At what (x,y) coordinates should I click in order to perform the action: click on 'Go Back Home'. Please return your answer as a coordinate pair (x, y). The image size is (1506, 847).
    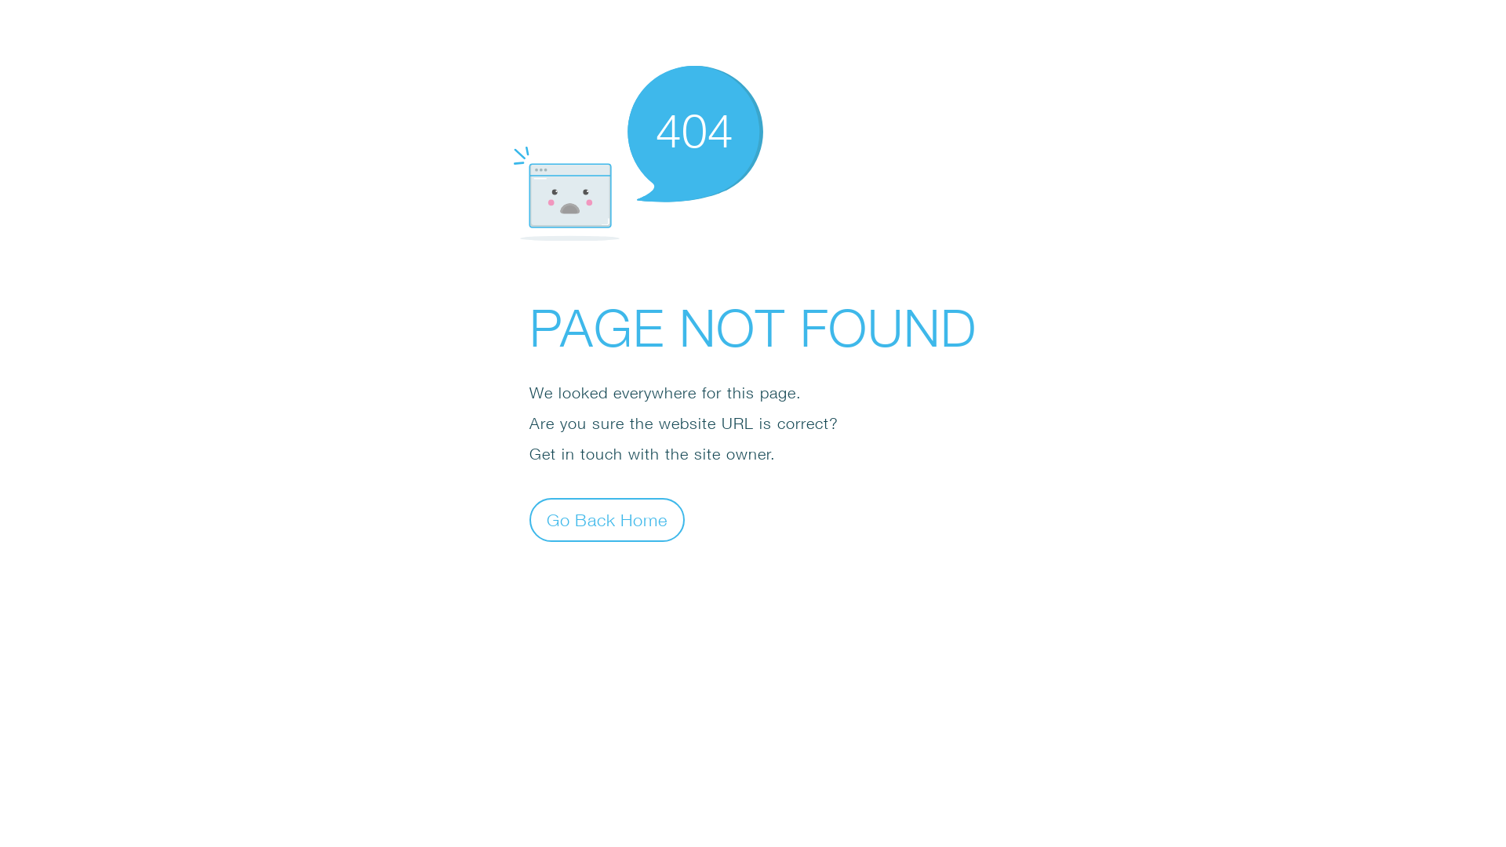
    Looking at the image, I should click on (606, 520).